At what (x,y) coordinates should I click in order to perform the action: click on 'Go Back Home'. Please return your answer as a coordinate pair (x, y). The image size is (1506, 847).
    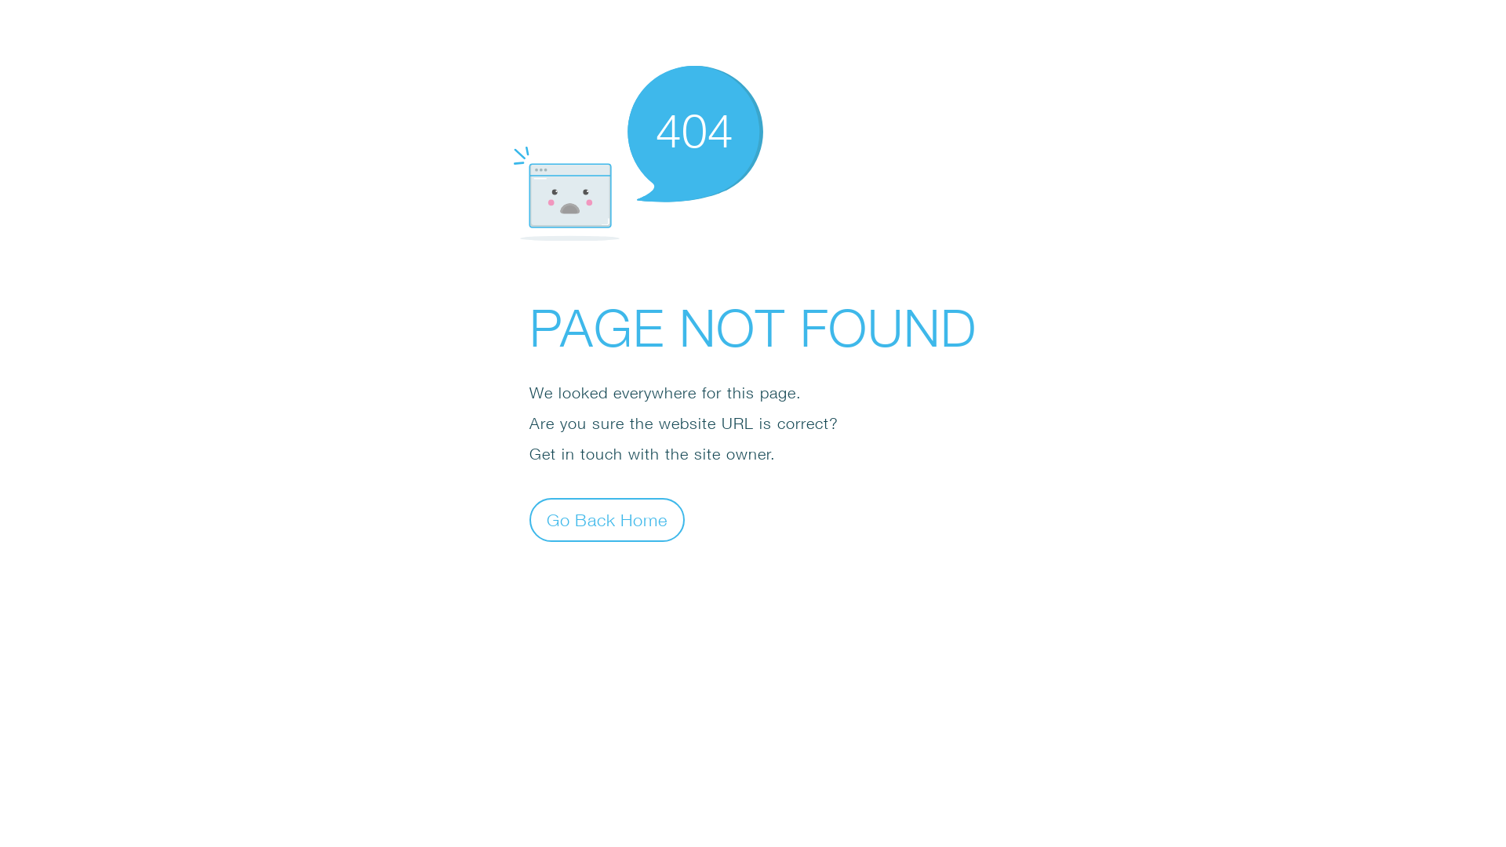
    Looking at the image, I should click on (606, 520).